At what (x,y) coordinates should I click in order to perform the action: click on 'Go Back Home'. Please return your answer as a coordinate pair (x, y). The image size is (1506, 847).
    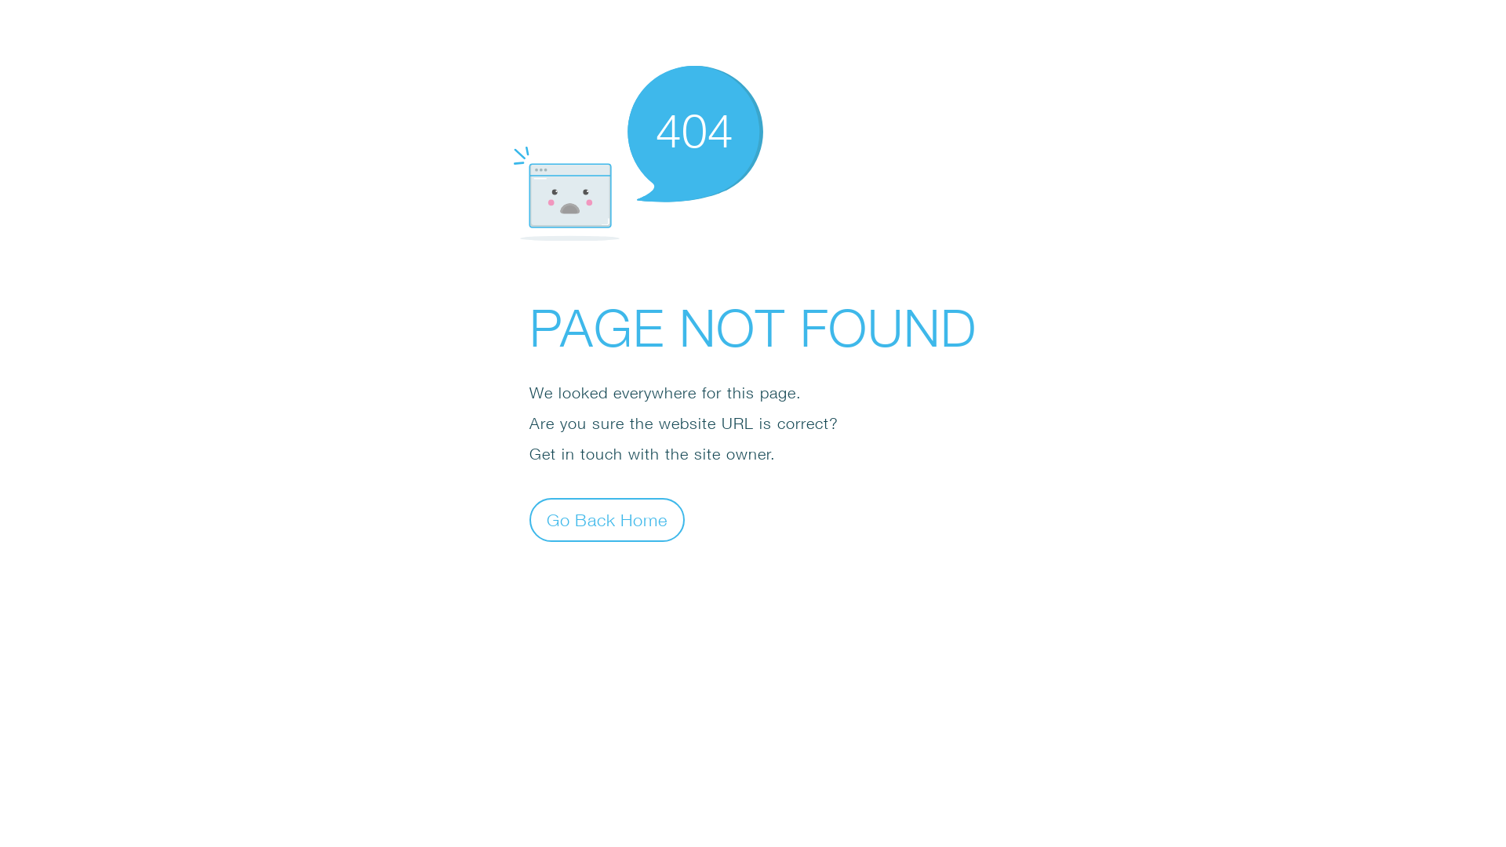
    Looking at the image, I should click on (606, 520).